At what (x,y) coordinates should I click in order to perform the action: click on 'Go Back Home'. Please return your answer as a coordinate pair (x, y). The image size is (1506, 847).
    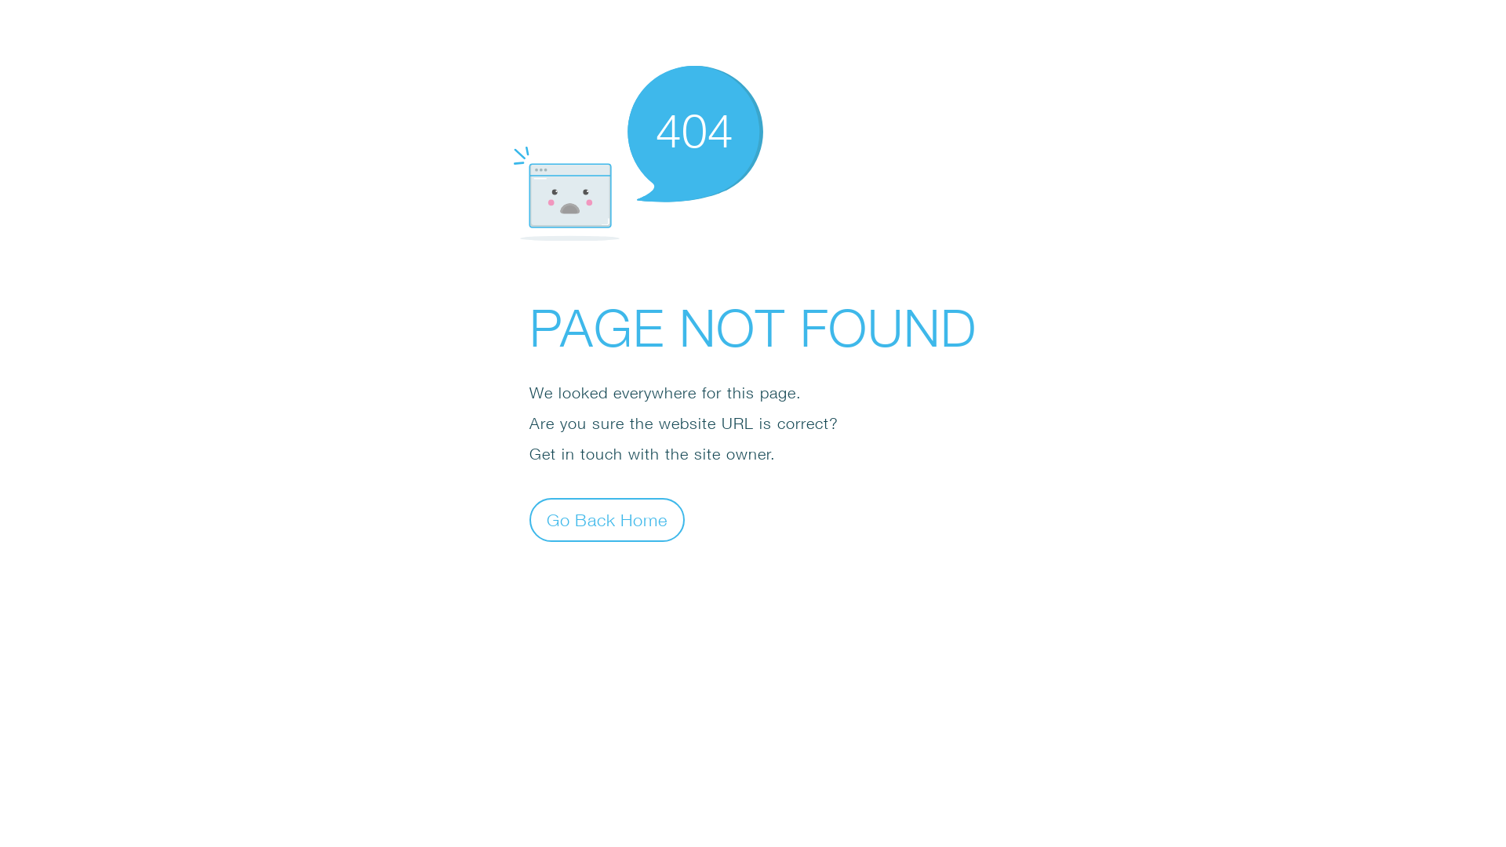
    Looking at the image, I should click on (606, 520).